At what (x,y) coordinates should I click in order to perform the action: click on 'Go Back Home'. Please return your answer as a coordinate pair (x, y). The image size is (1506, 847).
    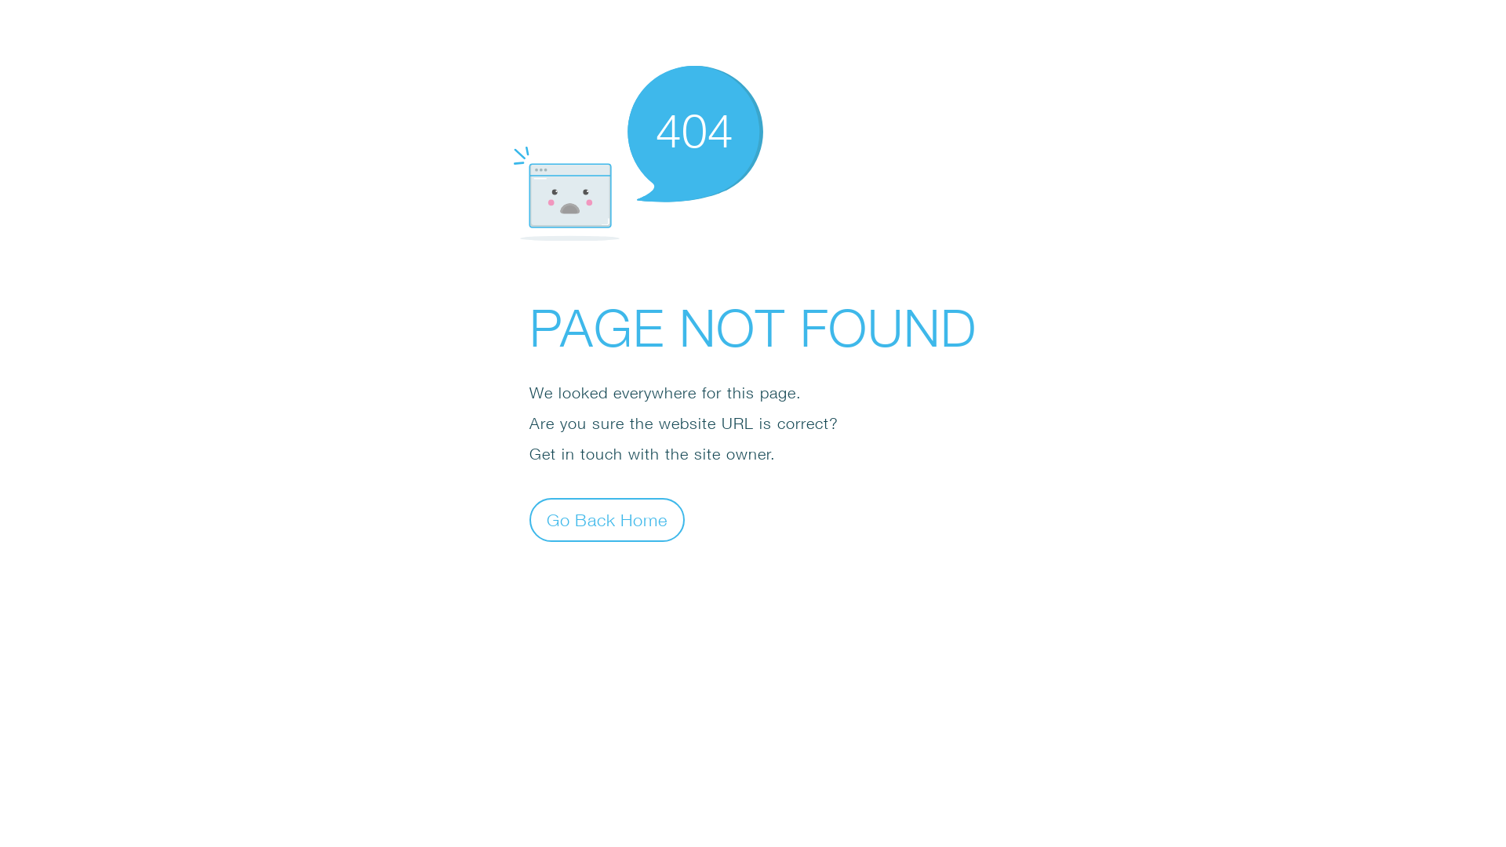
    Looking at the image, I should click on (606, 520).